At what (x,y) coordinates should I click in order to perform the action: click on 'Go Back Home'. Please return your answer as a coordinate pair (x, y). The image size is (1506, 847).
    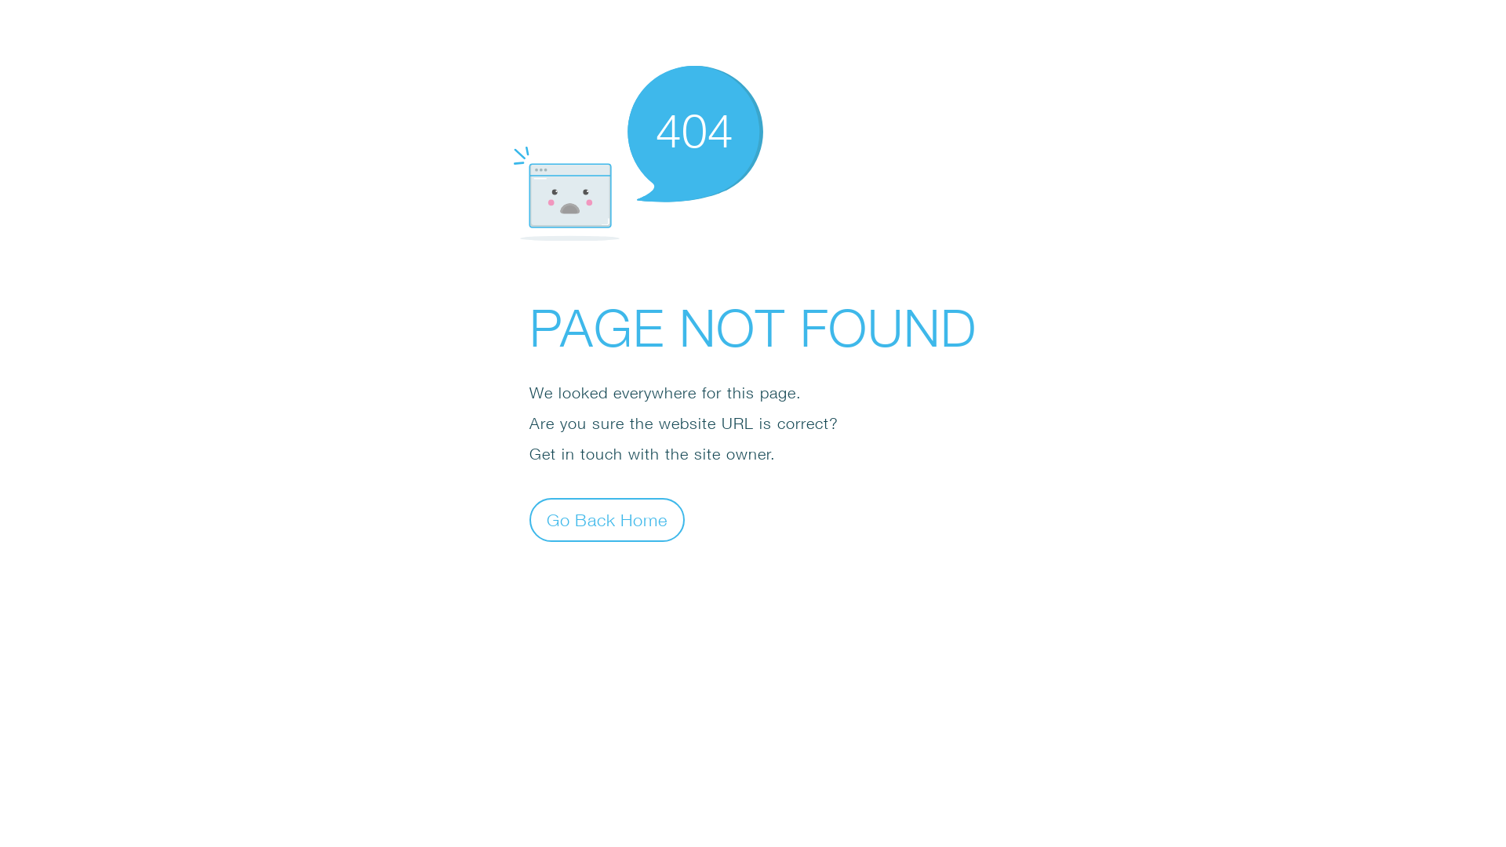
    Looking at the image, I should click on (606, 520).